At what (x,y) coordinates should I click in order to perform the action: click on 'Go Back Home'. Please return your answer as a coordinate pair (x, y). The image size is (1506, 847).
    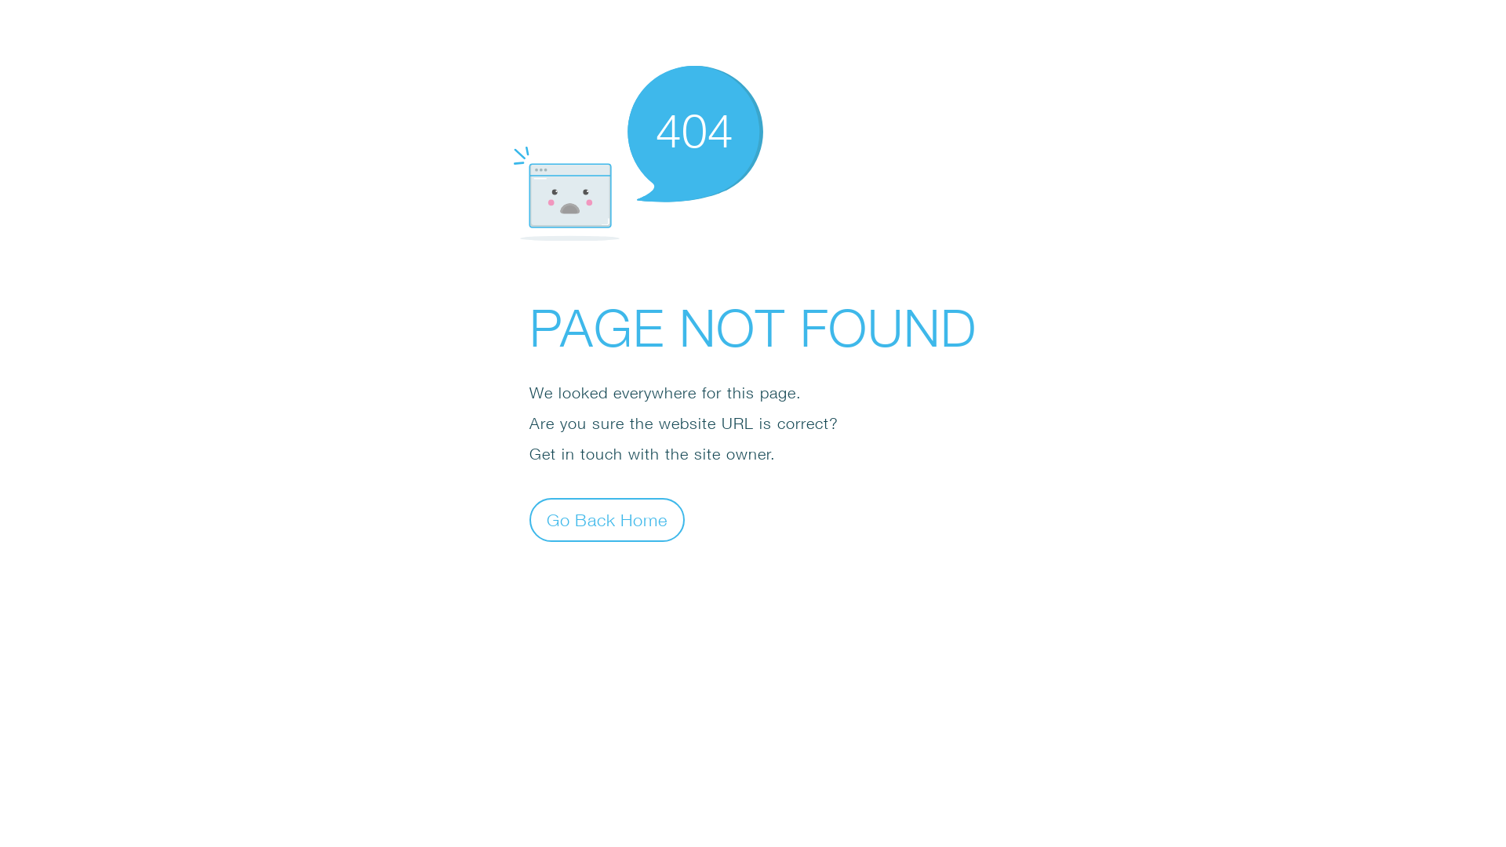
    Looking at the image, I should click on (606, 520).